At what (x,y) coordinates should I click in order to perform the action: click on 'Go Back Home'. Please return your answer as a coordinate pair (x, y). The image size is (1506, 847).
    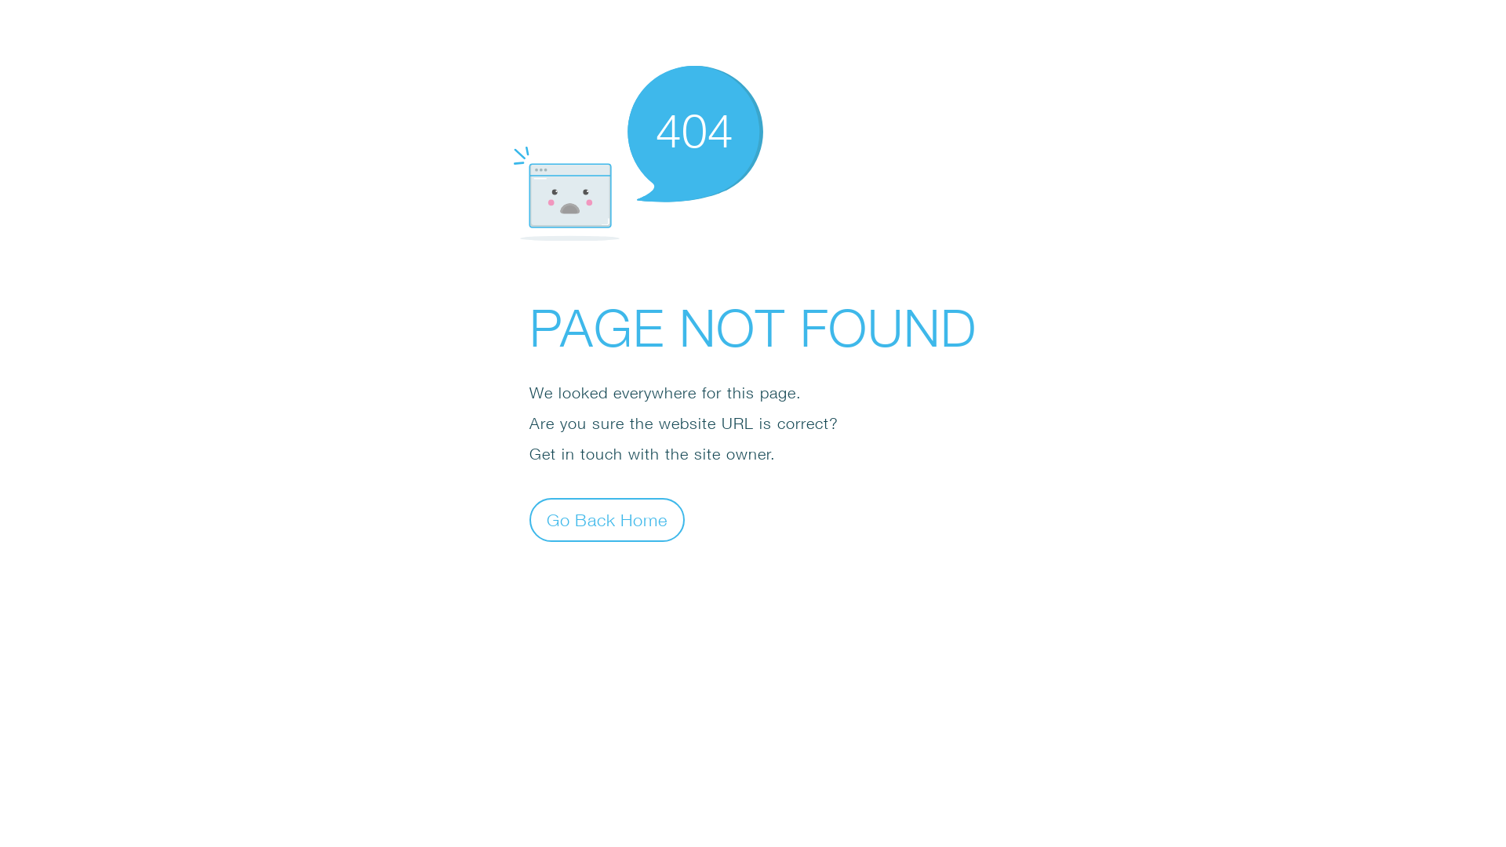
    Looking at the image, I should click on (606, 520).